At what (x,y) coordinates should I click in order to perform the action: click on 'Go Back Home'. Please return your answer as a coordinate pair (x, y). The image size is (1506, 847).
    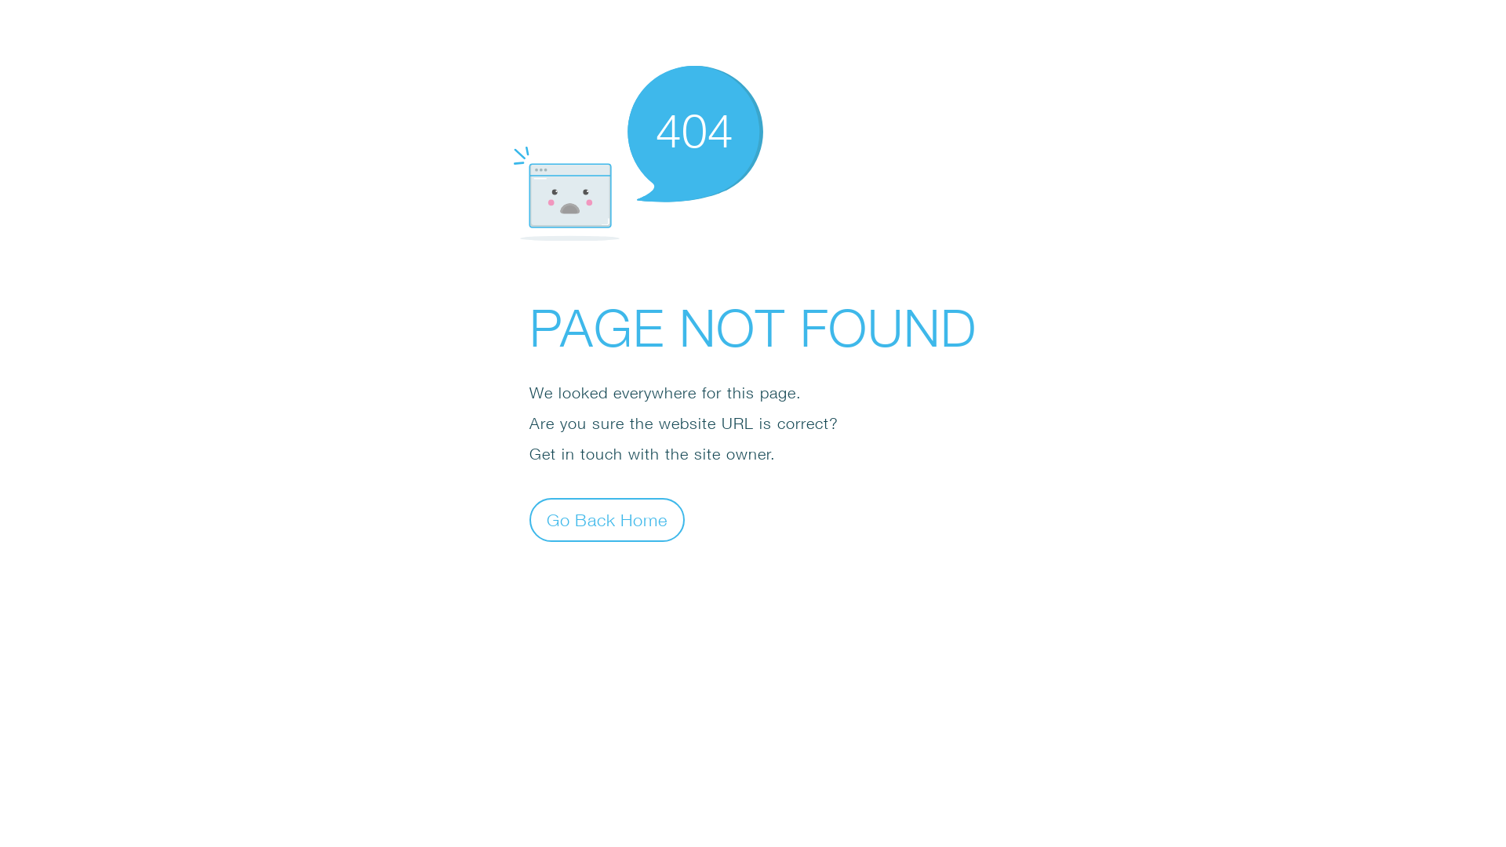
    Looking at the image, I should click on (606, 520).